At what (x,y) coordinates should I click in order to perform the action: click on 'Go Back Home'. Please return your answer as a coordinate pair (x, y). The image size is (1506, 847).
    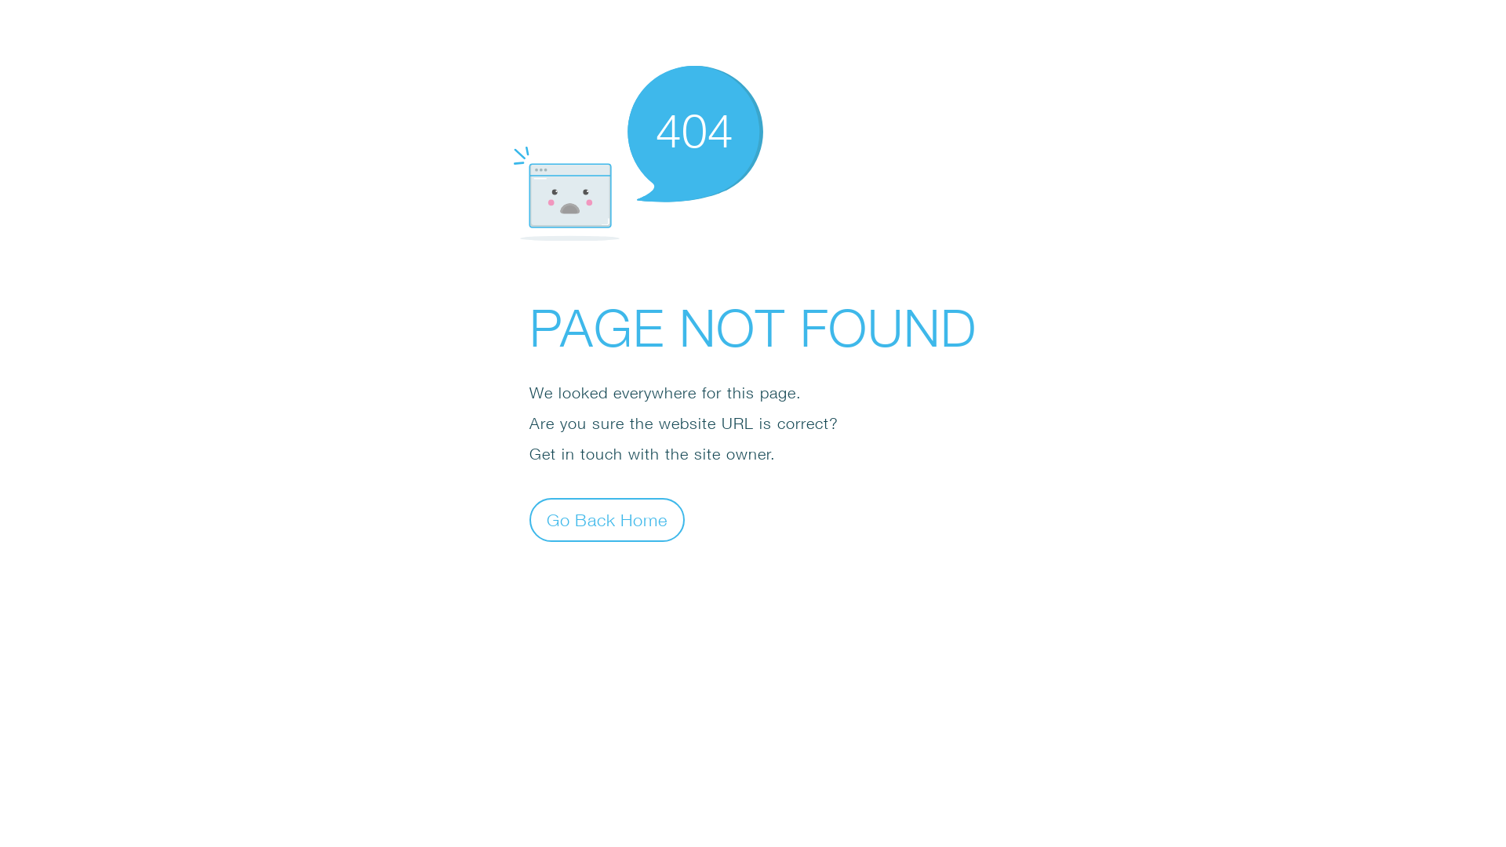
    Looking at the image, I should click on (606, 520).